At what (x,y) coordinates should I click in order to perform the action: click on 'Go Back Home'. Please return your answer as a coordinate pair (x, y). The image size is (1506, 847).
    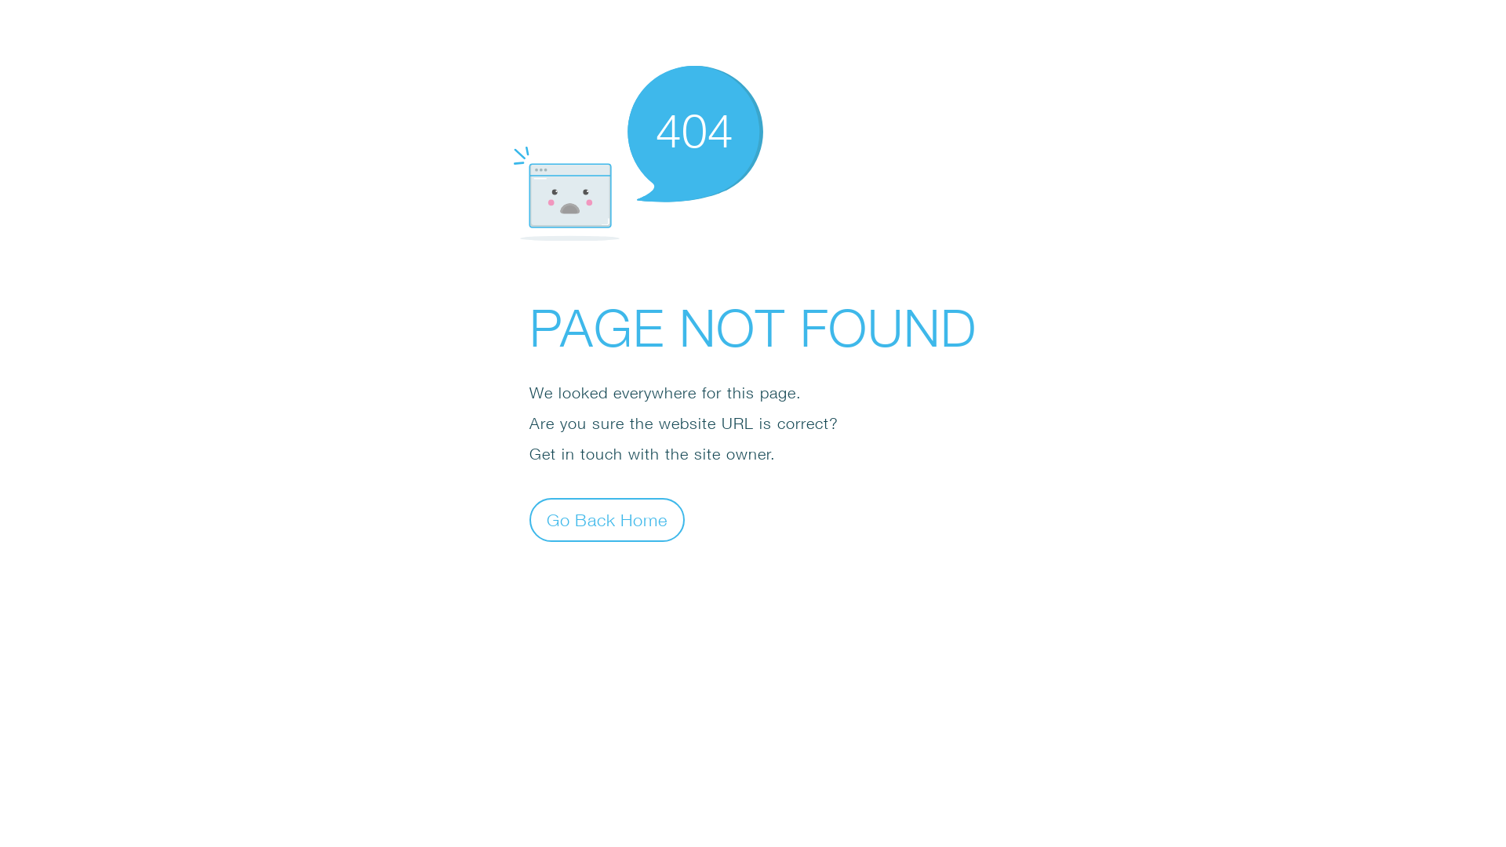
    Looking at the image, I should click on (606, 520).